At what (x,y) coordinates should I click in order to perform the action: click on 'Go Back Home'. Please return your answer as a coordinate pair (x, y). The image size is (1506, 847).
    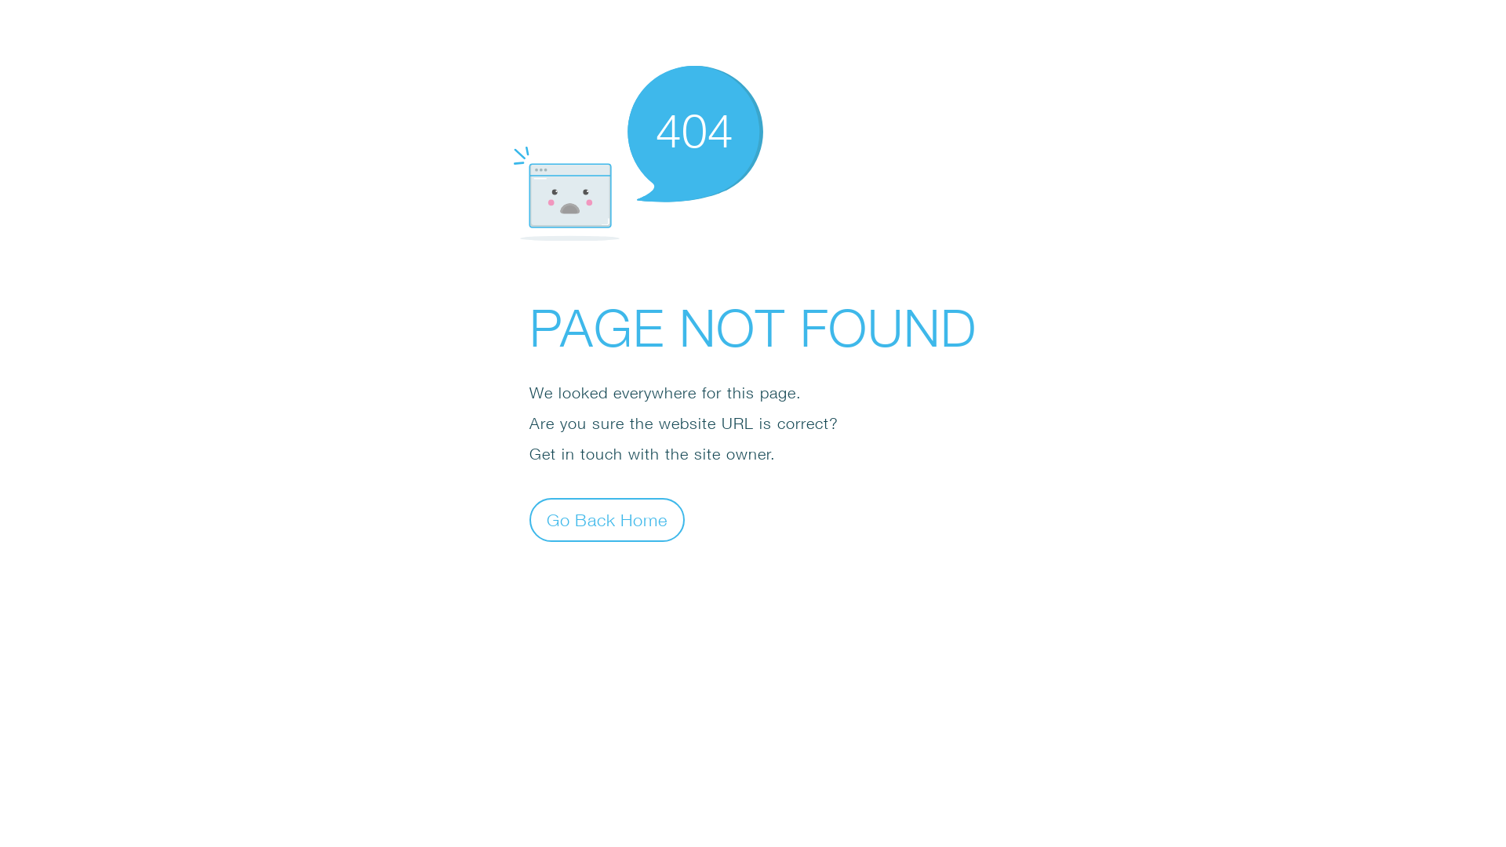
    Looking at the image, I should click on (606, 520).